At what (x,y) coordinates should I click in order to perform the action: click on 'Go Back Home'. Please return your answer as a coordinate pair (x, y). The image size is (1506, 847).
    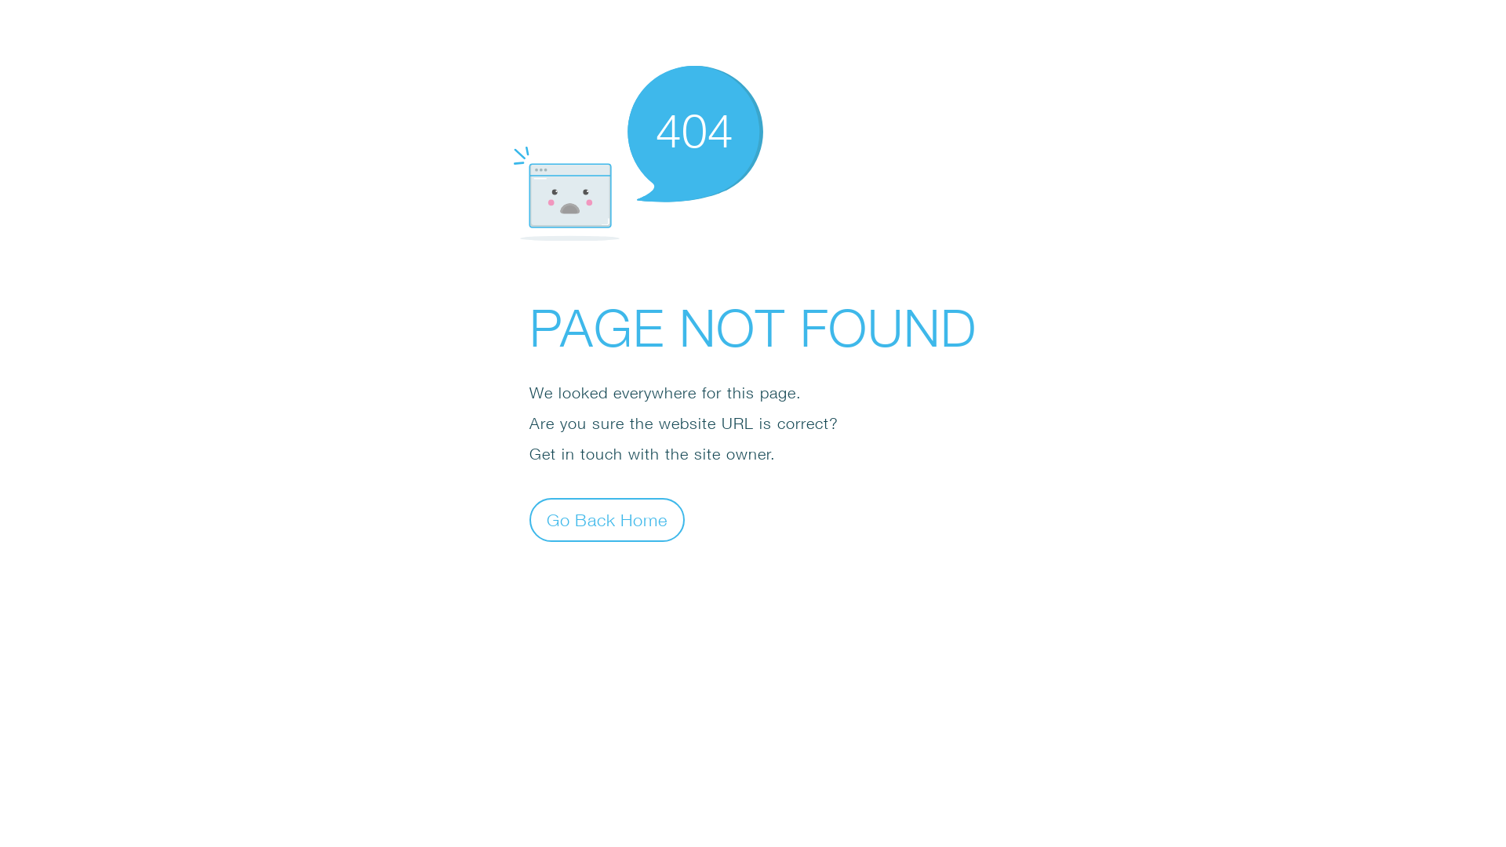
    Looking at the image, I should click on (606, 520).